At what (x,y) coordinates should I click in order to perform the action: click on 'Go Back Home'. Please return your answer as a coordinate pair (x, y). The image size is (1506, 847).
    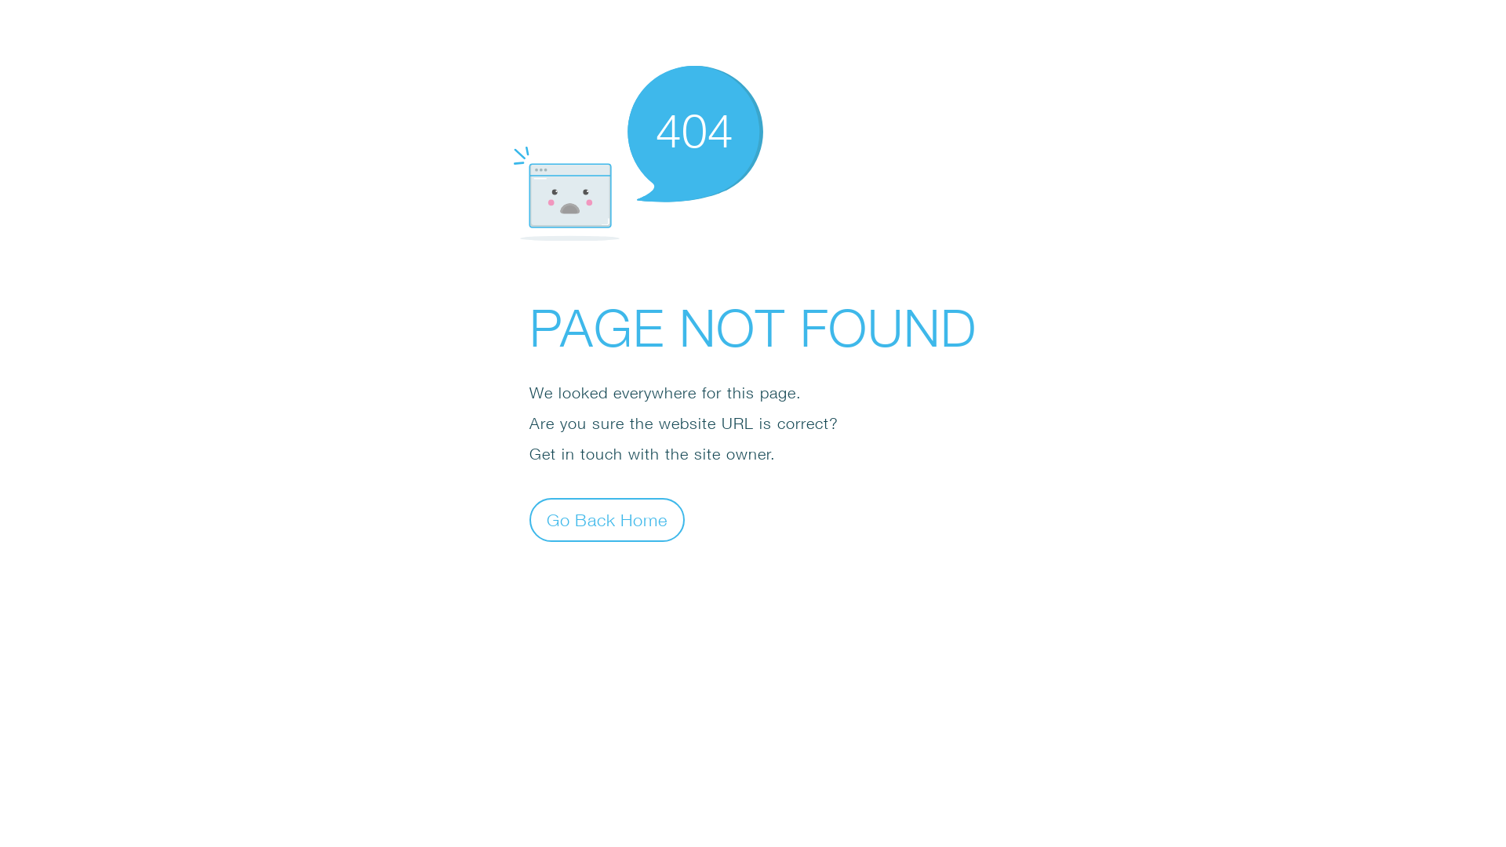
    Looking at the image, I should click on (606, 520).